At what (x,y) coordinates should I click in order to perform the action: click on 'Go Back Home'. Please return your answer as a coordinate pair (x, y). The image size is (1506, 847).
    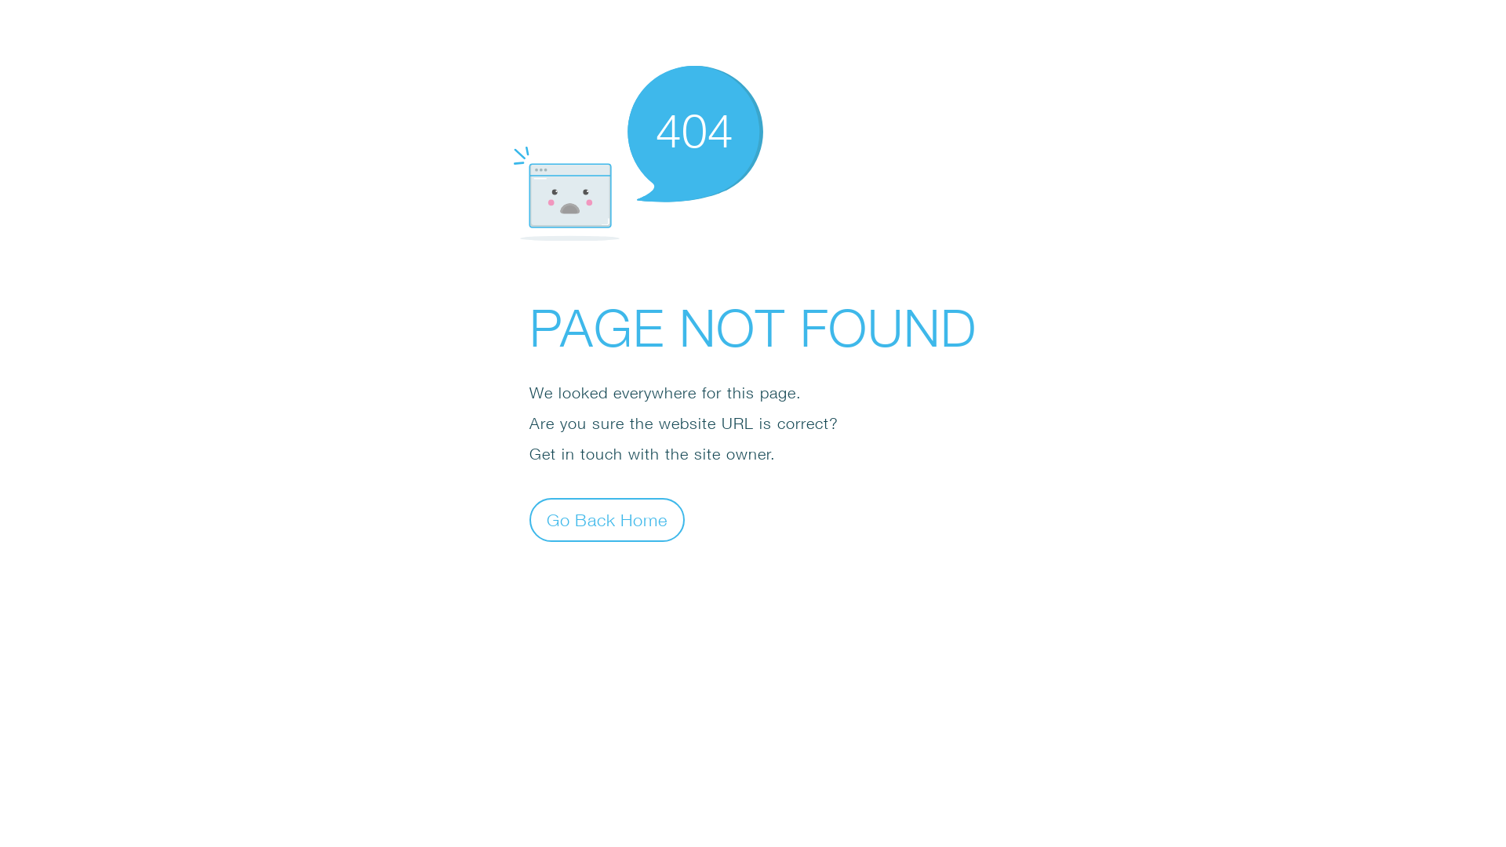
    Looking at the image, I should click on (606, 520).